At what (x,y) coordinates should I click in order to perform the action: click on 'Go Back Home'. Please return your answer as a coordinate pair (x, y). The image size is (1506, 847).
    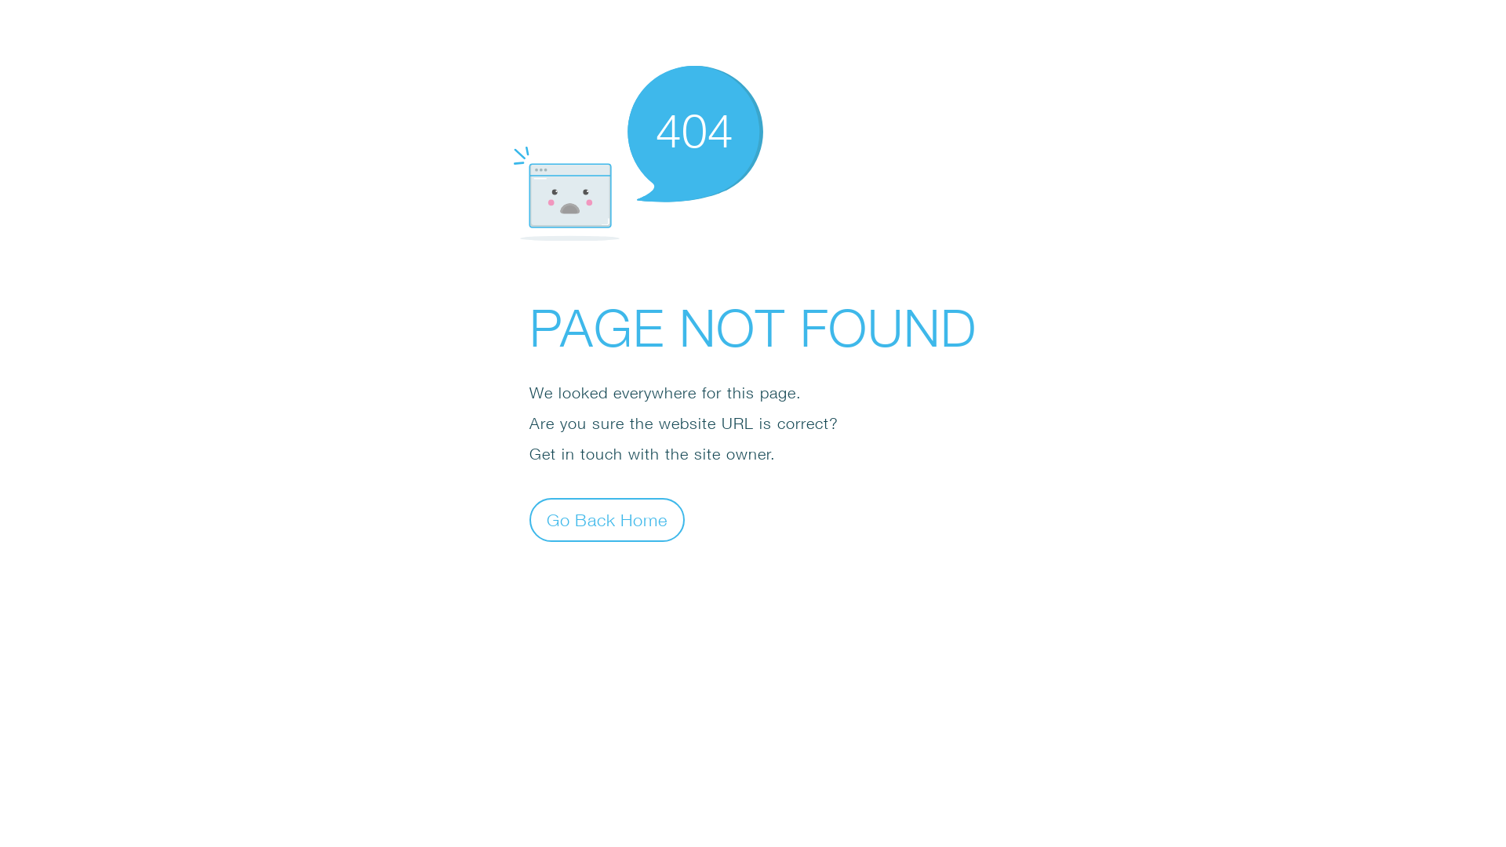
    Looking at the image, I should click on (606, 520).